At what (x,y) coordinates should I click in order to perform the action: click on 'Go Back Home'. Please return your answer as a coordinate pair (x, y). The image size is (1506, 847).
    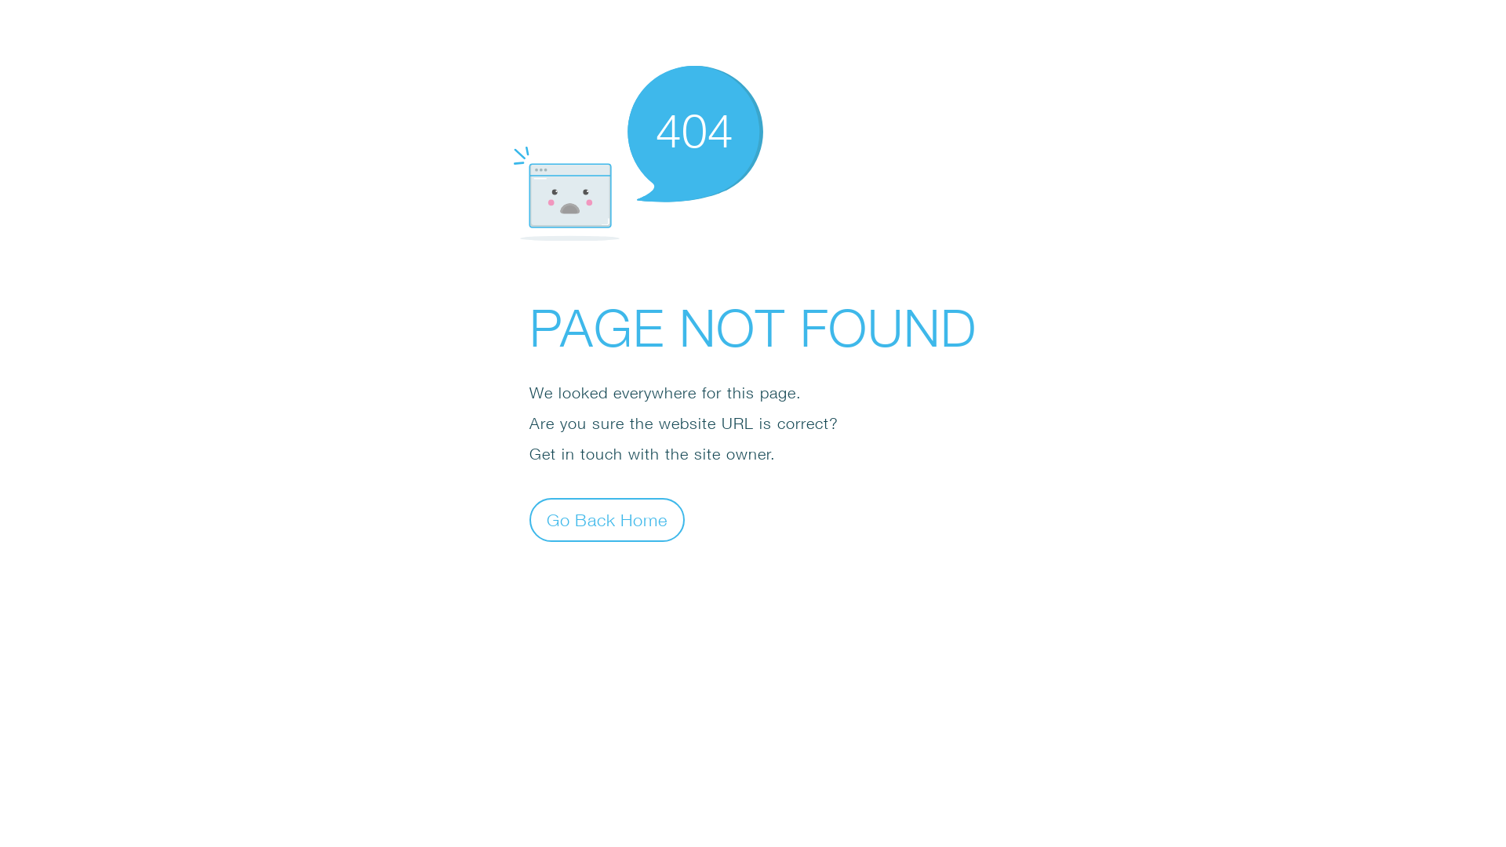
    Looking at the image, I should click on (606, 520).